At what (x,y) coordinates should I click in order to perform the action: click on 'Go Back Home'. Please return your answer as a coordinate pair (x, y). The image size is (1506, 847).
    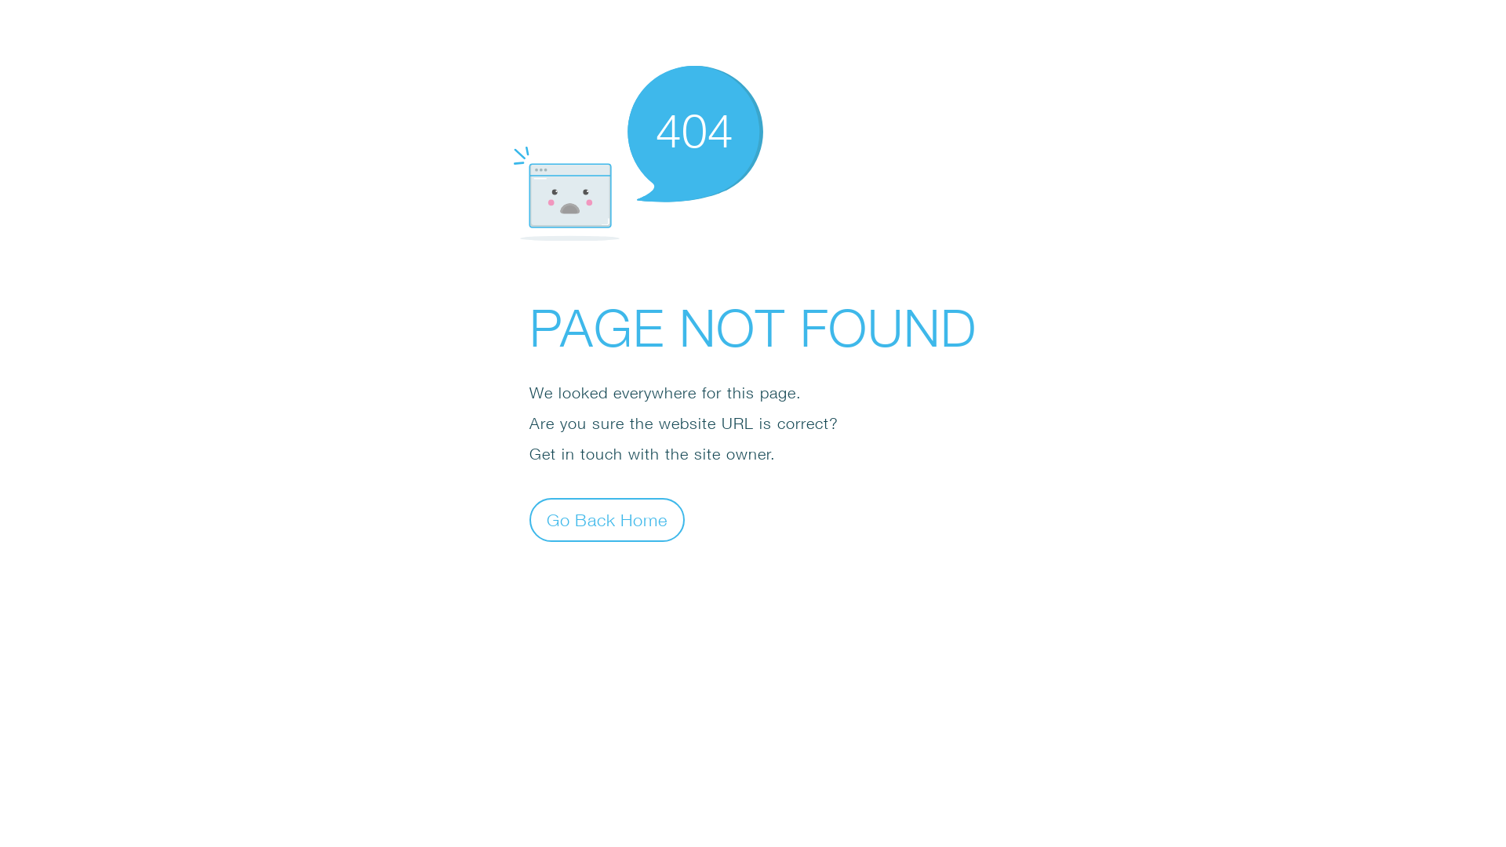
    Looking at the image, I should click on (606, 520).